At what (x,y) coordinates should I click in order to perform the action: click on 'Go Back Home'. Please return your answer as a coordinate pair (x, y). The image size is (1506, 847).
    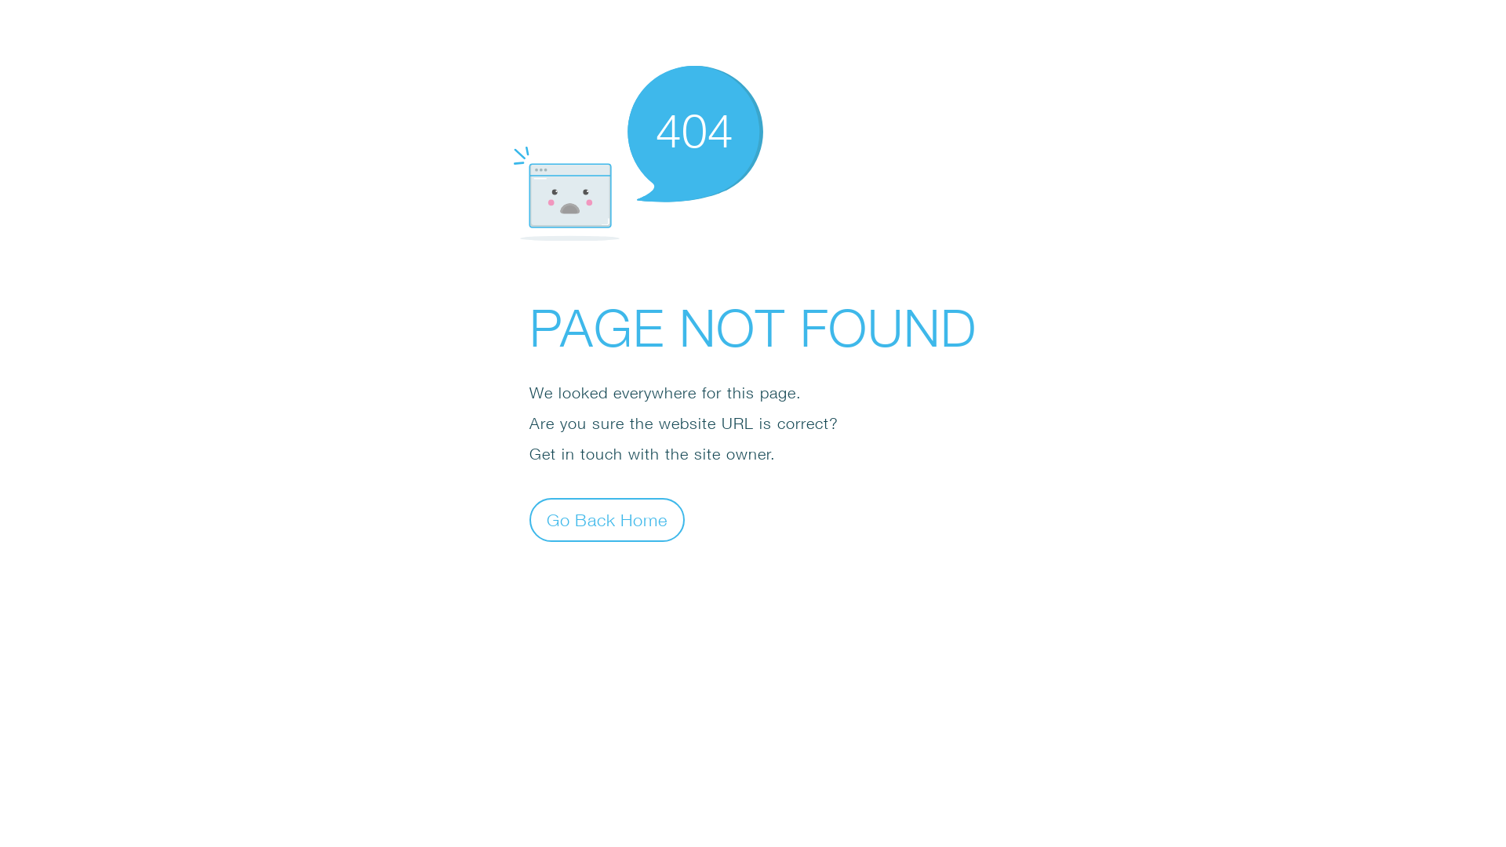
    Looking at the image, I should click on (606, 520).